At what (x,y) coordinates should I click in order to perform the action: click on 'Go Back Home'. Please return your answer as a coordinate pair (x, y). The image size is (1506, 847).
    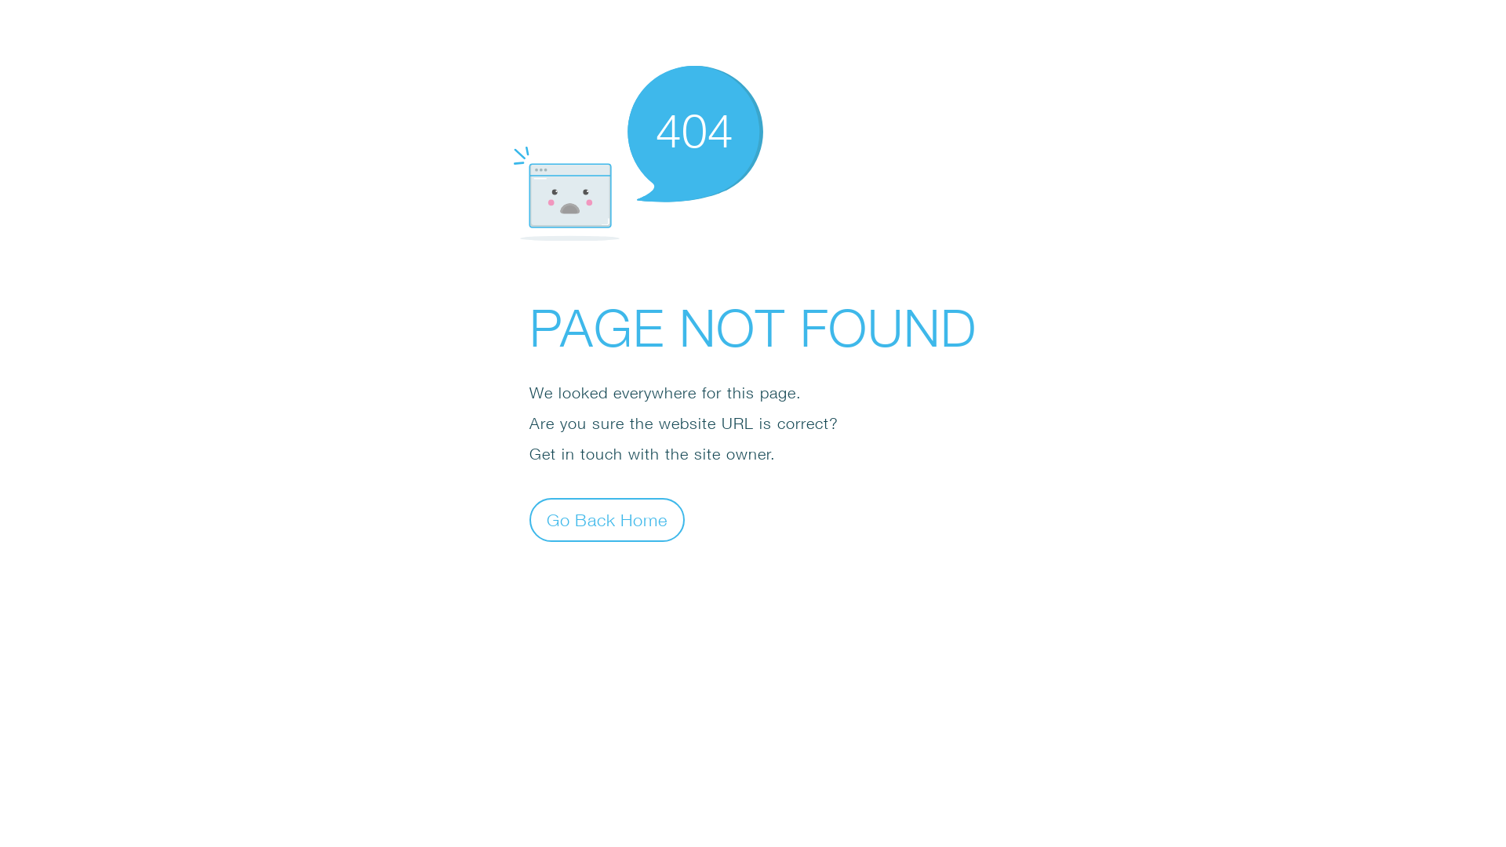
    Looking at the image, I should click on (606, 520).